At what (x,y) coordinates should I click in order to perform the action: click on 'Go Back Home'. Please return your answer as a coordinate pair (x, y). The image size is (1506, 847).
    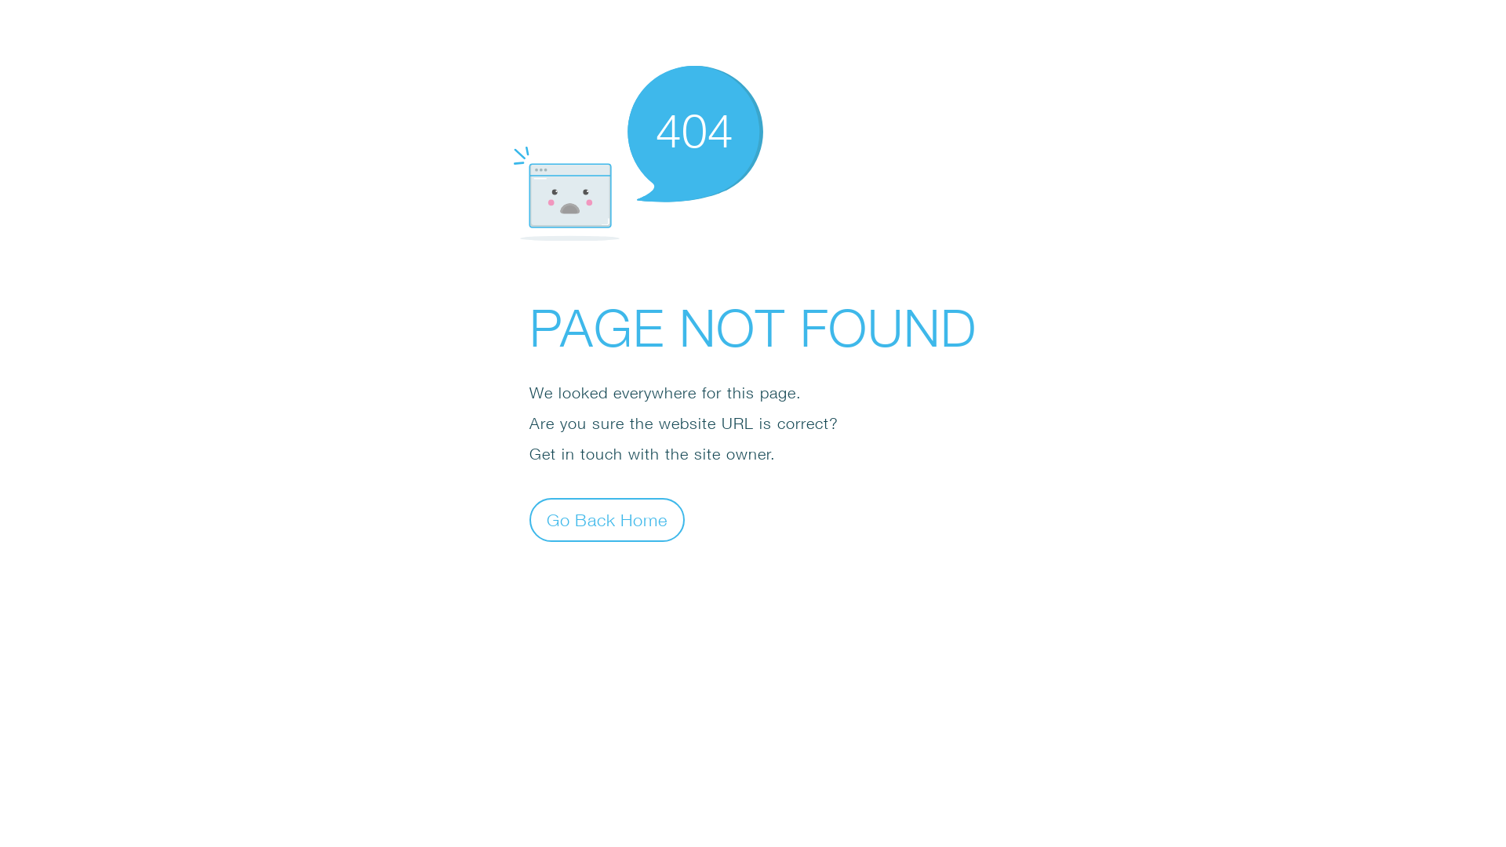
    Looking at the image, I should click on (606, 520).